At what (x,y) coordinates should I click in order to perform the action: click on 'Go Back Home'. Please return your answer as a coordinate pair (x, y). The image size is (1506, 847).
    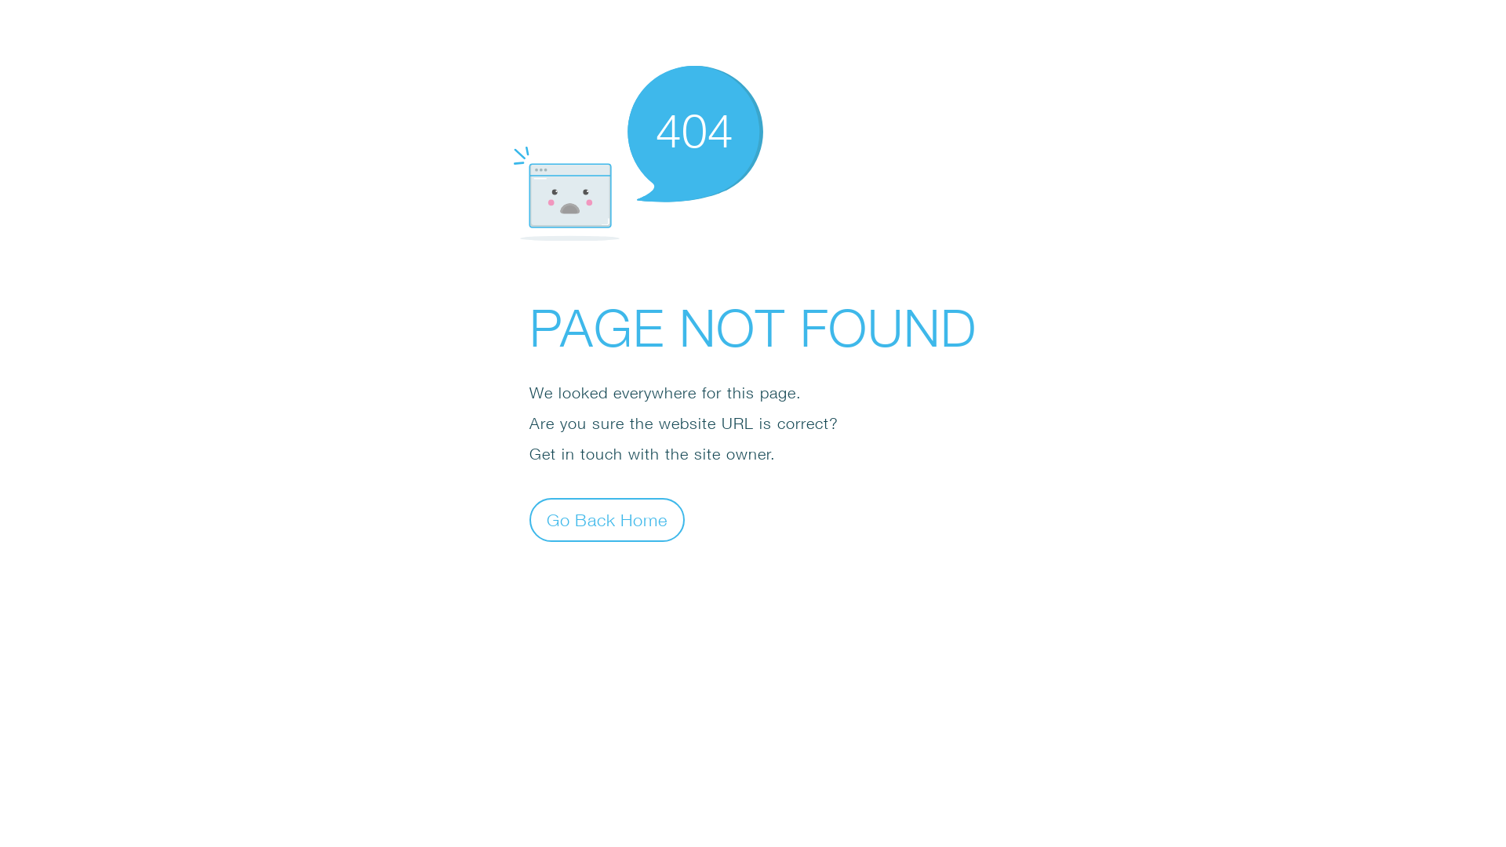
    Looking at the image, I should click on (606, 520).